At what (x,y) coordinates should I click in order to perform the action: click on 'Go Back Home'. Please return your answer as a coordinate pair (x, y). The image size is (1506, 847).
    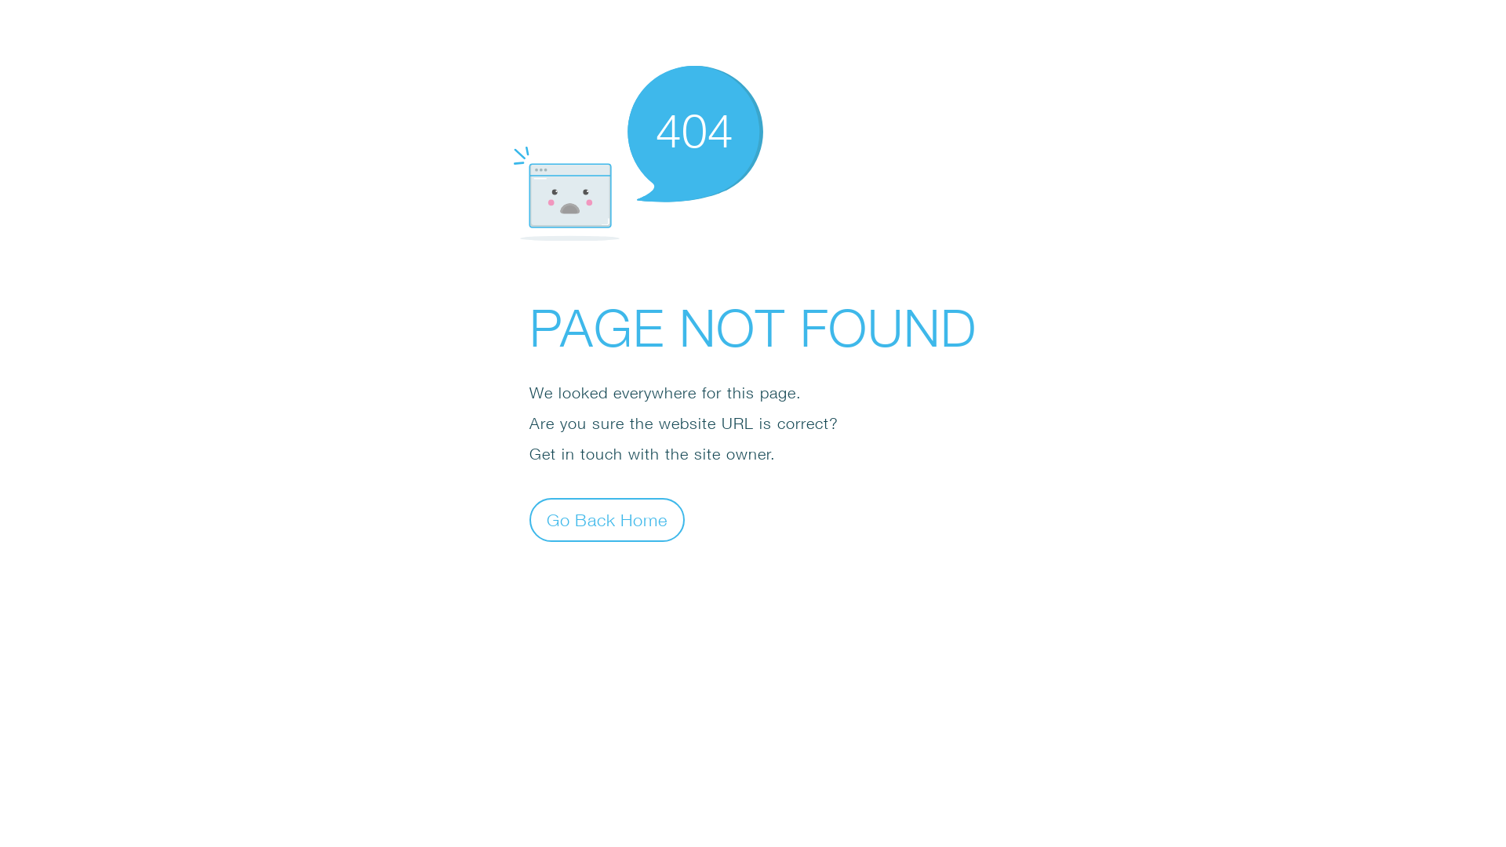
    Looking at the image, I should click on (606, 520).